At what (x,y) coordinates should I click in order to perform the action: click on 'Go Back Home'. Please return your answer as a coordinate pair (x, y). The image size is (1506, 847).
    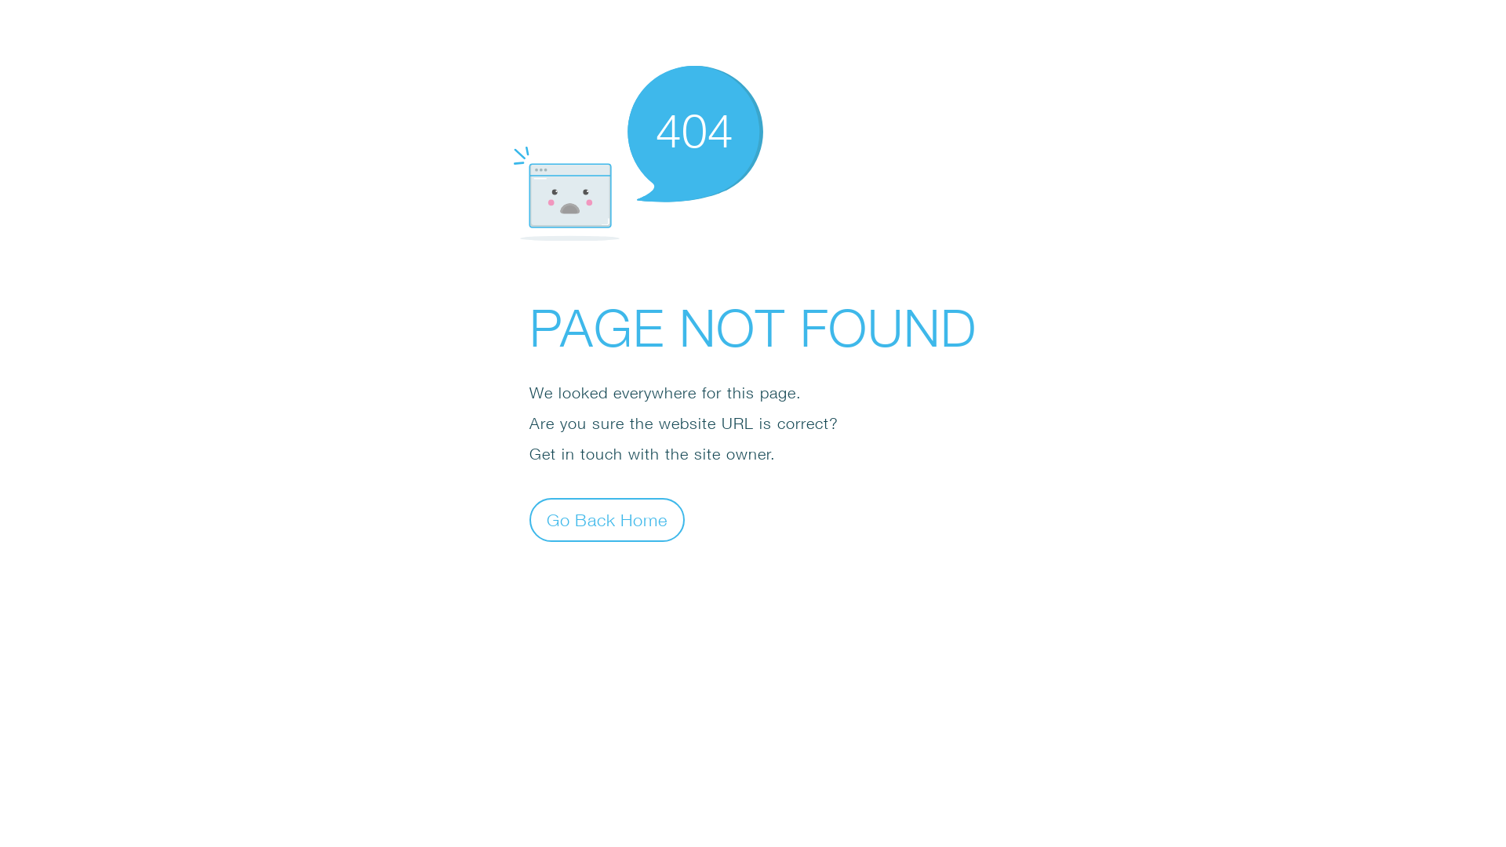
    Looking at the image, I should click on (606, 520).